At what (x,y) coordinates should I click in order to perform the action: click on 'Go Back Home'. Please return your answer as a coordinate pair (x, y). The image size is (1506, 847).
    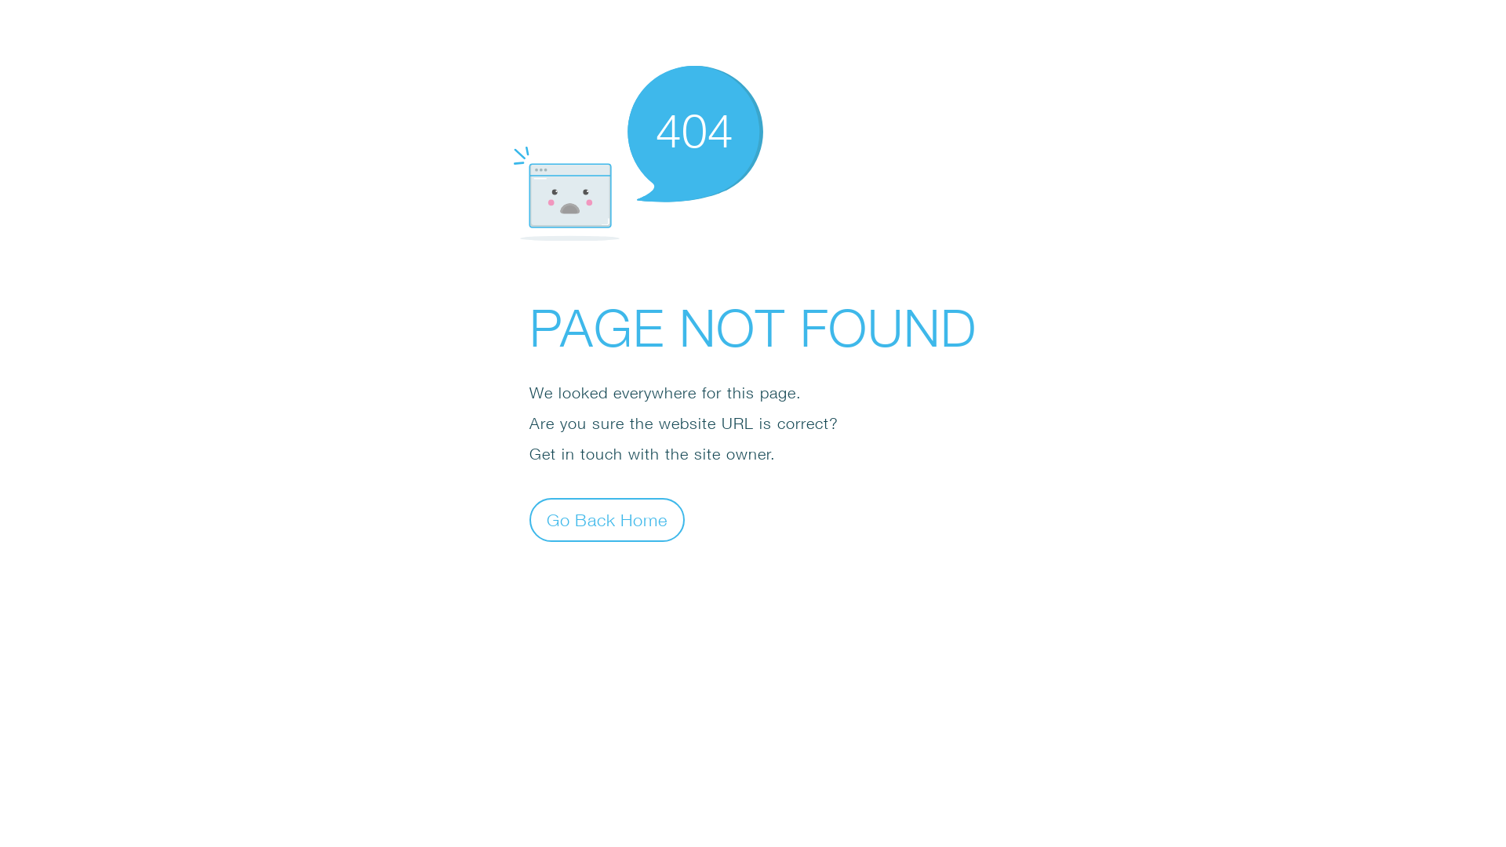
    Looking at the image, I should click on (606, 520).